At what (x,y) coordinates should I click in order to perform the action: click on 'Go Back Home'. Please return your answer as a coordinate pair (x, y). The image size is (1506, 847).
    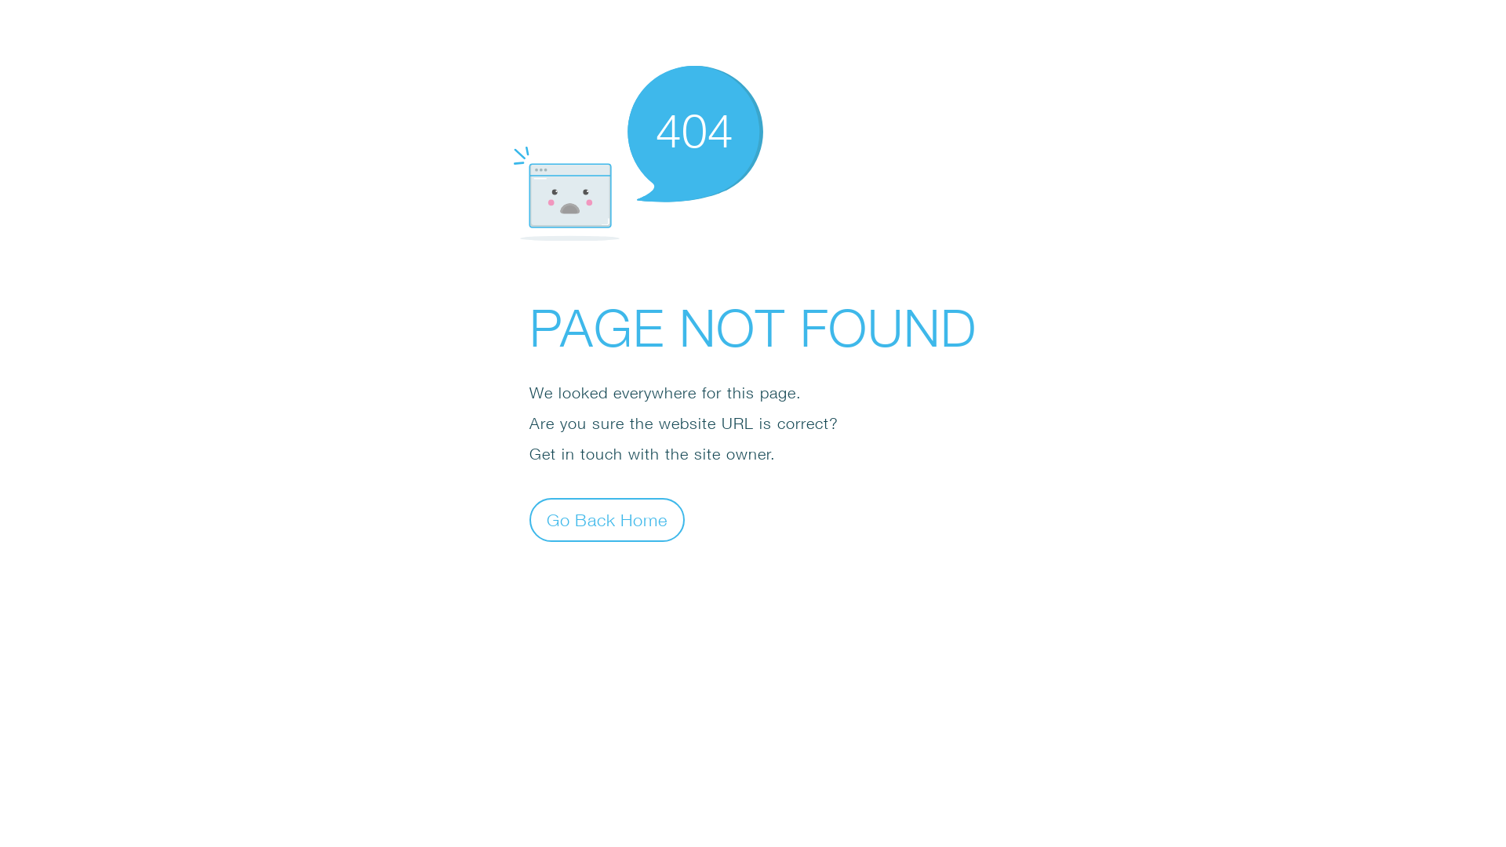
    Looking at the image, I should click on (606, 520).